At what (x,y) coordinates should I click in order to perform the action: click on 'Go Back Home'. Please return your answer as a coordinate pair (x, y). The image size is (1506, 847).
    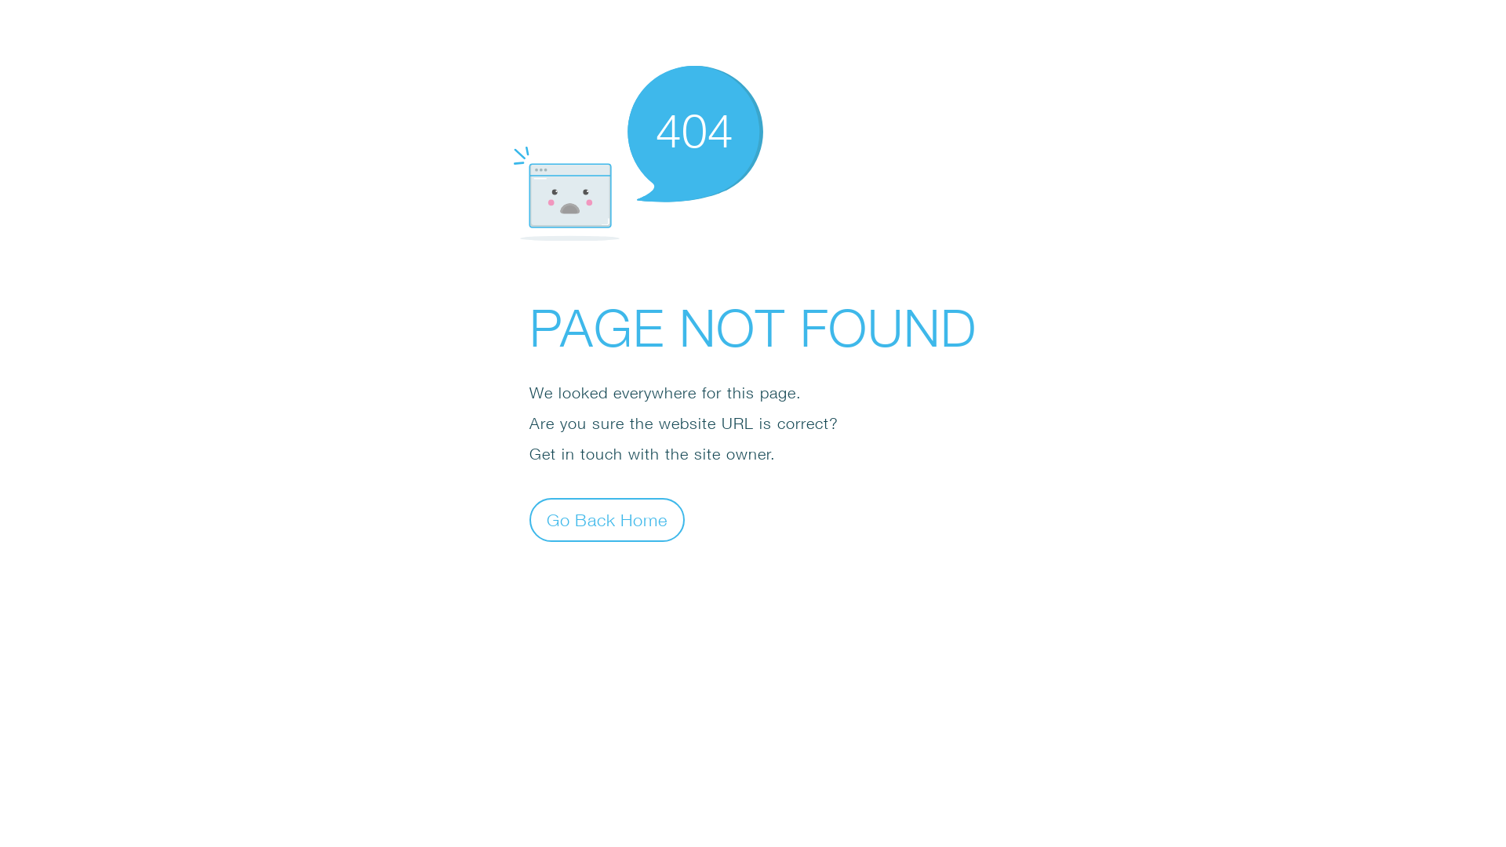
    Looking at the image, I should click on (606, 520).